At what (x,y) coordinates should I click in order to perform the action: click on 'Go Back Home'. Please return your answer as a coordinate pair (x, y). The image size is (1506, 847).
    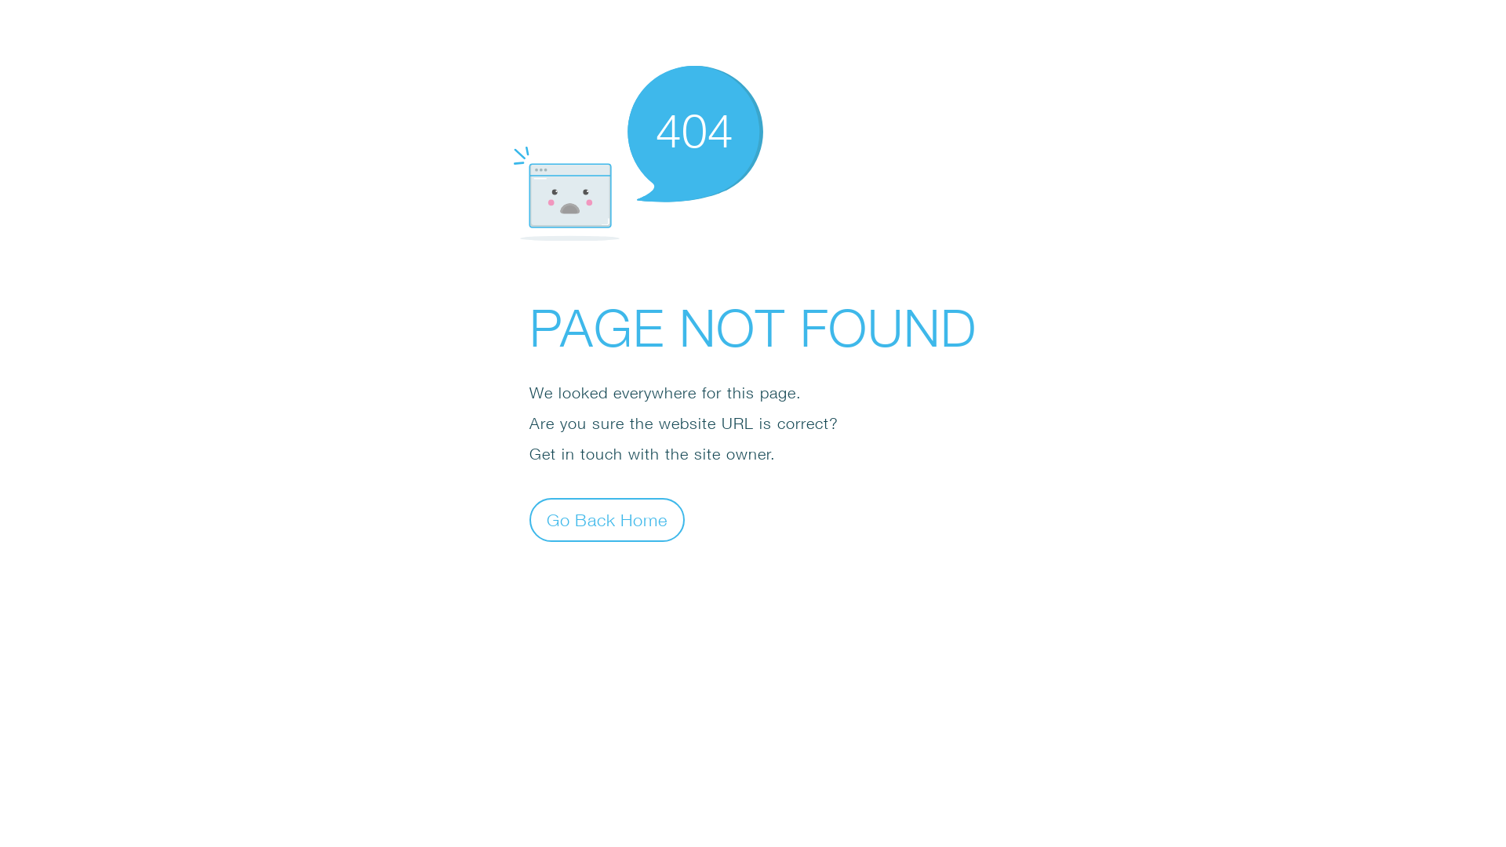
    Looking at the image, I should click on (606, 520).